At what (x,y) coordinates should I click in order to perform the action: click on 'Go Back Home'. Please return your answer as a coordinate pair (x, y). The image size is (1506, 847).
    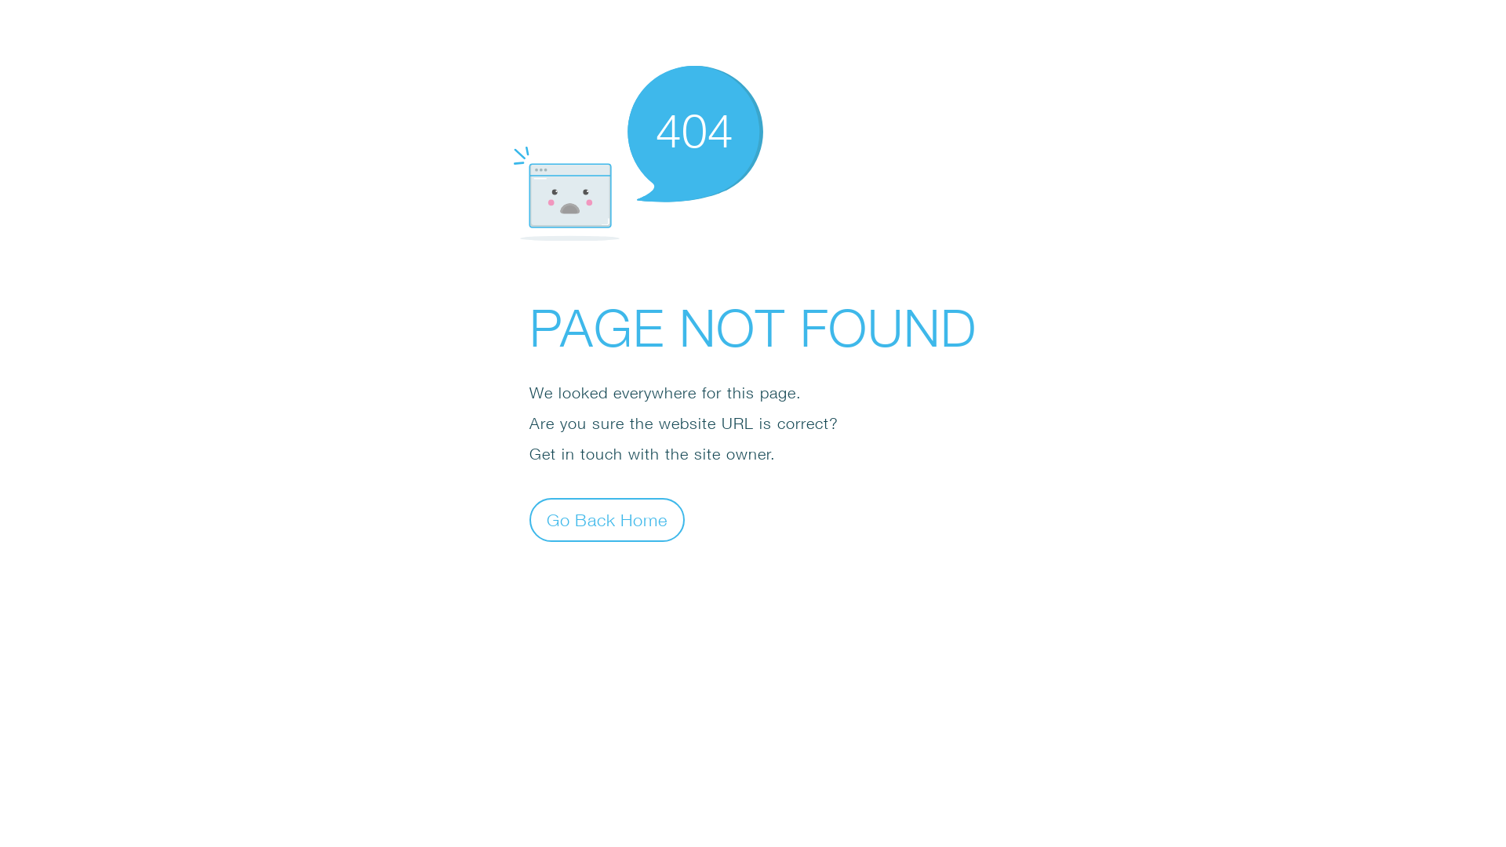
    Looking at the image, I should click on (606, 520).